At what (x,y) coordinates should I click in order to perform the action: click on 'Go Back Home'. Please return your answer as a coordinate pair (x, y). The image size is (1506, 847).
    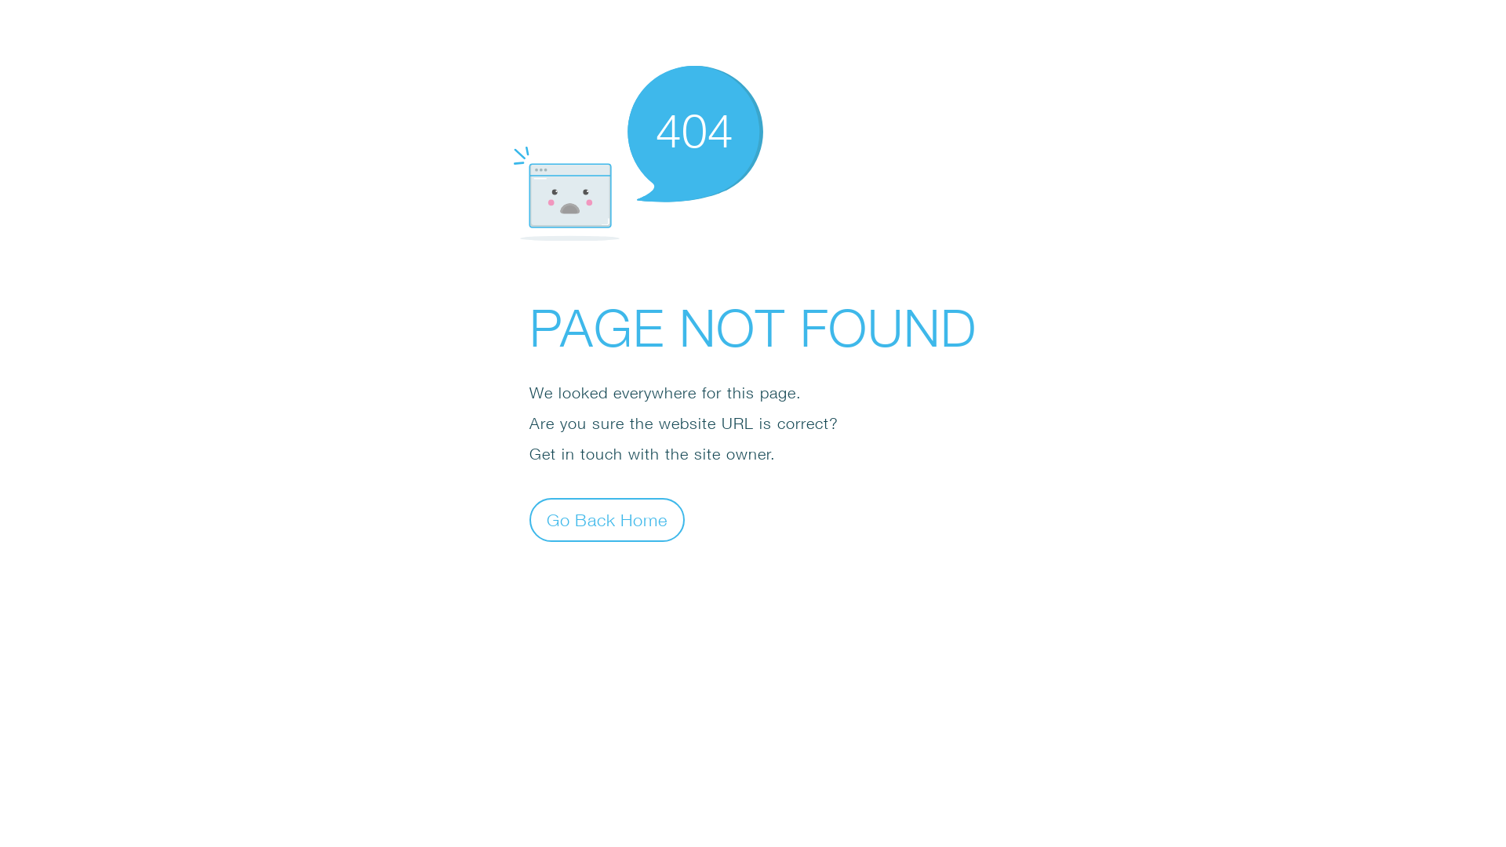
    Looking at the image, I should click on (606, 520).